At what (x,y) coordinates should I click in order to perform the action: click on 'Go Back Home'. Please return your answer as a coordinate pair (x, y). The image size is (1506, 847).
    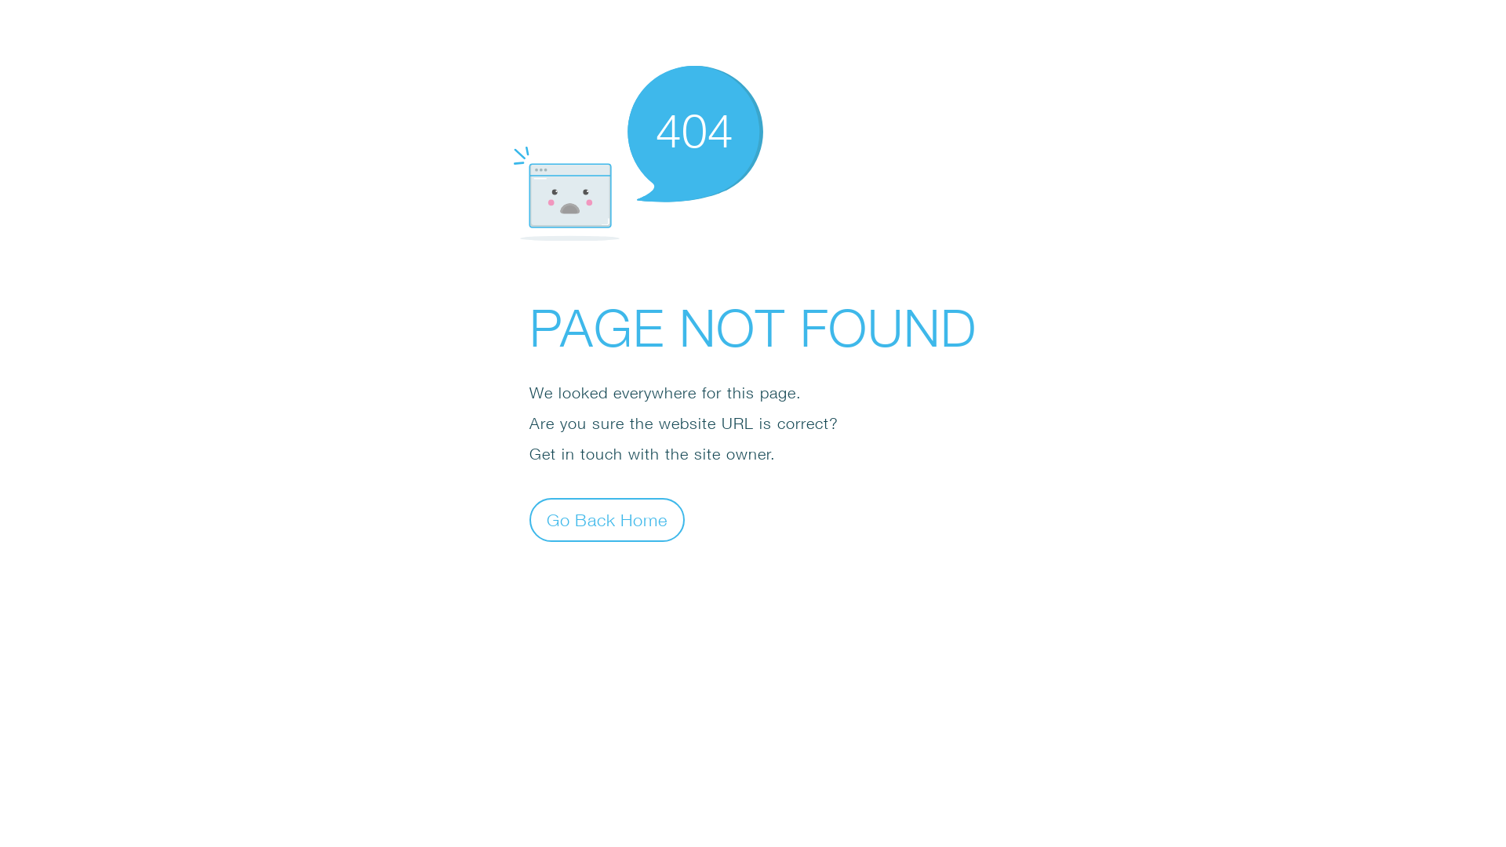
    Looking at the image, I should click on (606, 520).